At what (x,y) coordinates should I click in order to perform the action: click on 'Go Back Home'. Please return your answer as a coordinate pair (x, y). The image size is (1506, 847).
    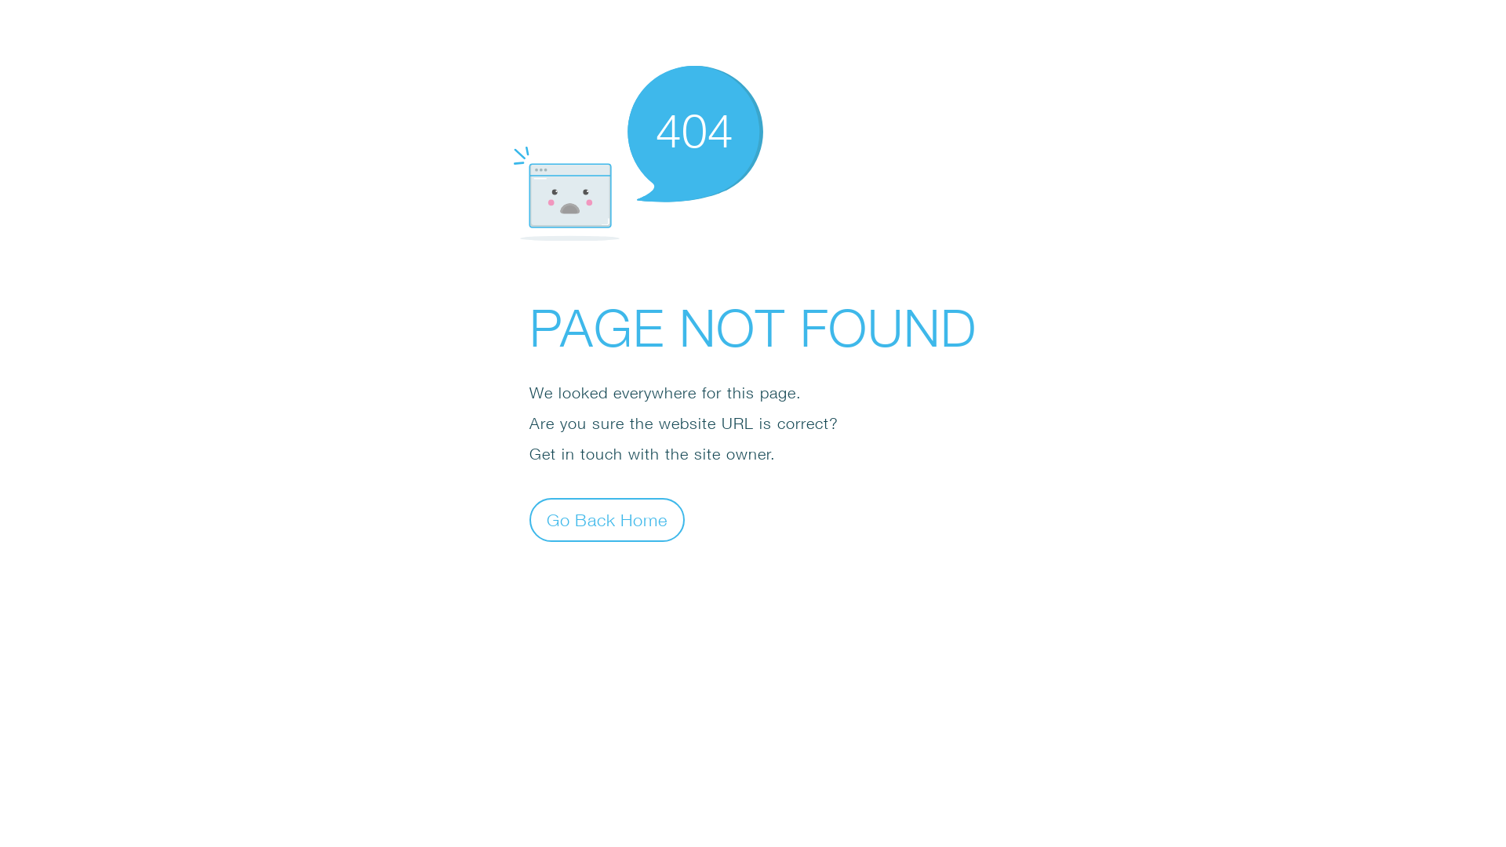
    Looking at the image, I should click on (606, 520).